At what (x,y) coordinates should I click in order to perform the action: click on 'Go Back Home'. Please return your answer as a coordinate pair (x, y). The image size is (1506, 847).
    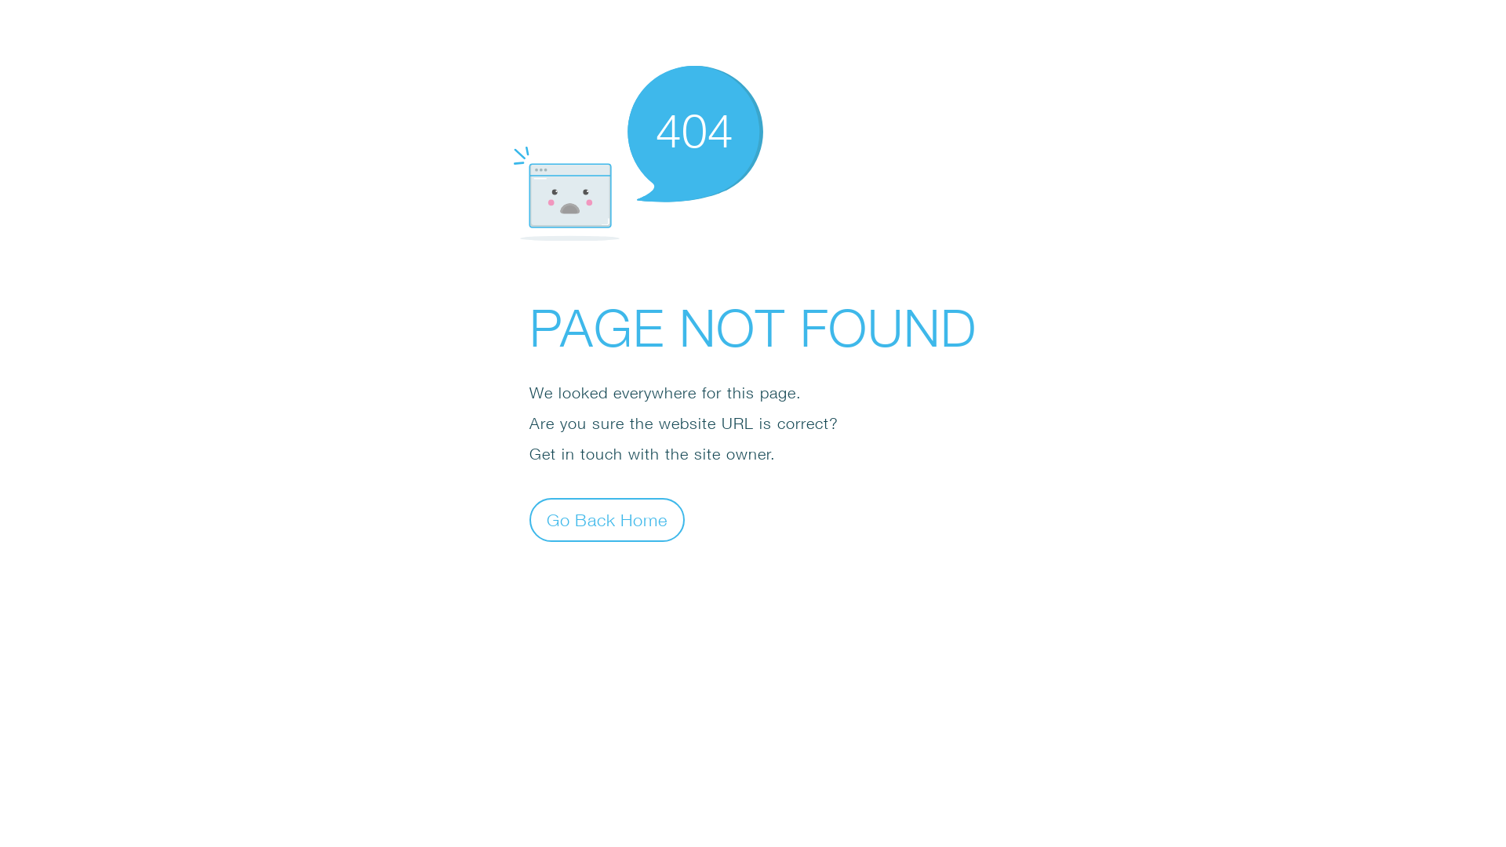
    Looking at the image, I should click on (606, 520).